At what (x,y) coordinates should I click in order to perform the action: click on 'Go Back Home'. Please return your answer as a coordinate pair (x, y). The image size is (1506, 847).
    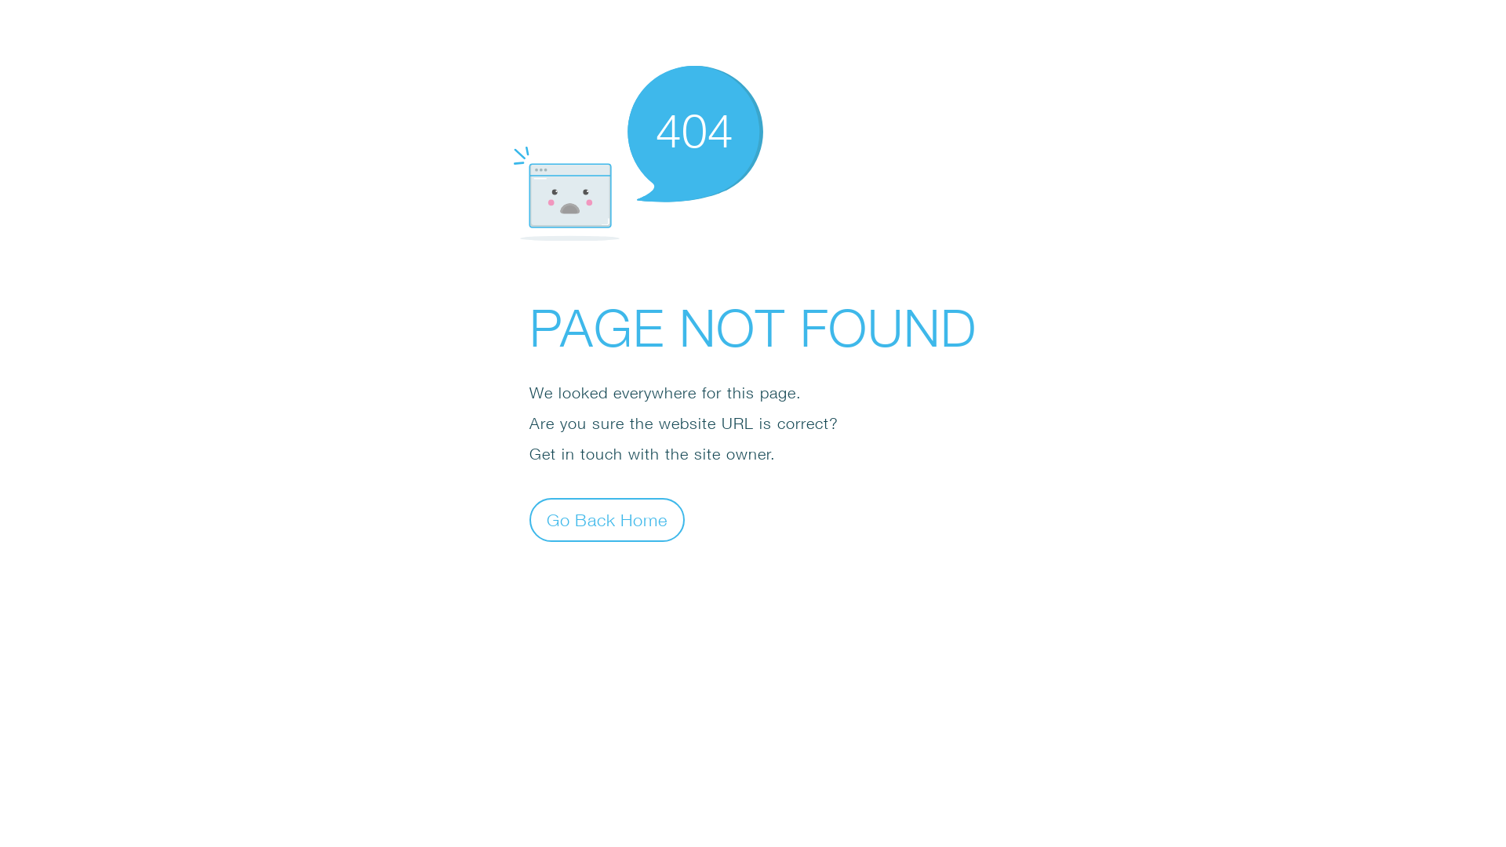
    Looking at the image, I should click on (606, 520).